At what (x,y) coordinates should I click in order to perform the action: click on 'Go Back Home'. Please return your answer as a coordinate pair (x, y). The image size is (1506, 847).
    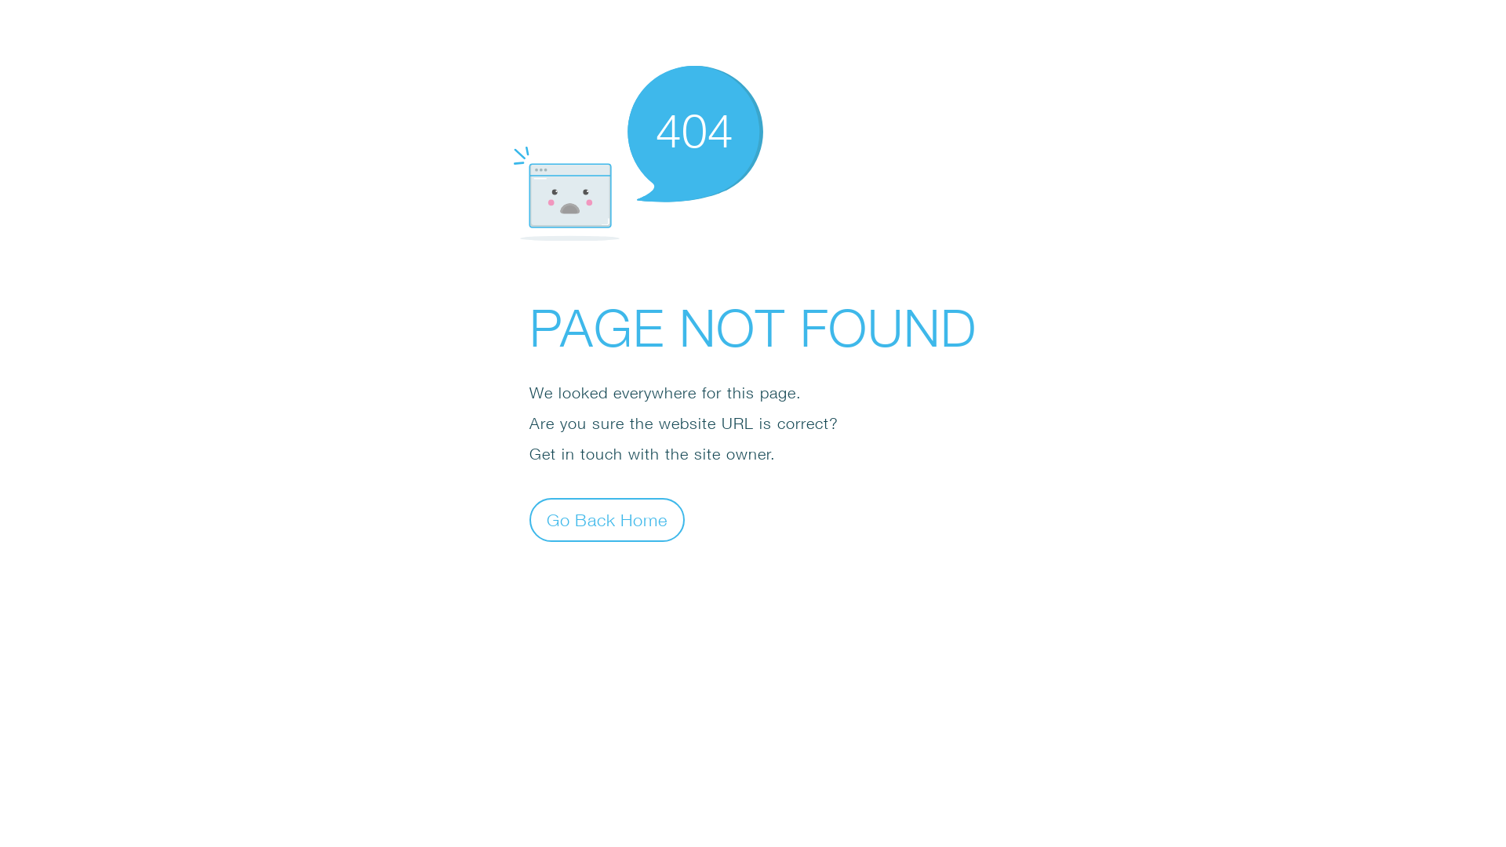
    Looking at the image, I should click on (606, 520).